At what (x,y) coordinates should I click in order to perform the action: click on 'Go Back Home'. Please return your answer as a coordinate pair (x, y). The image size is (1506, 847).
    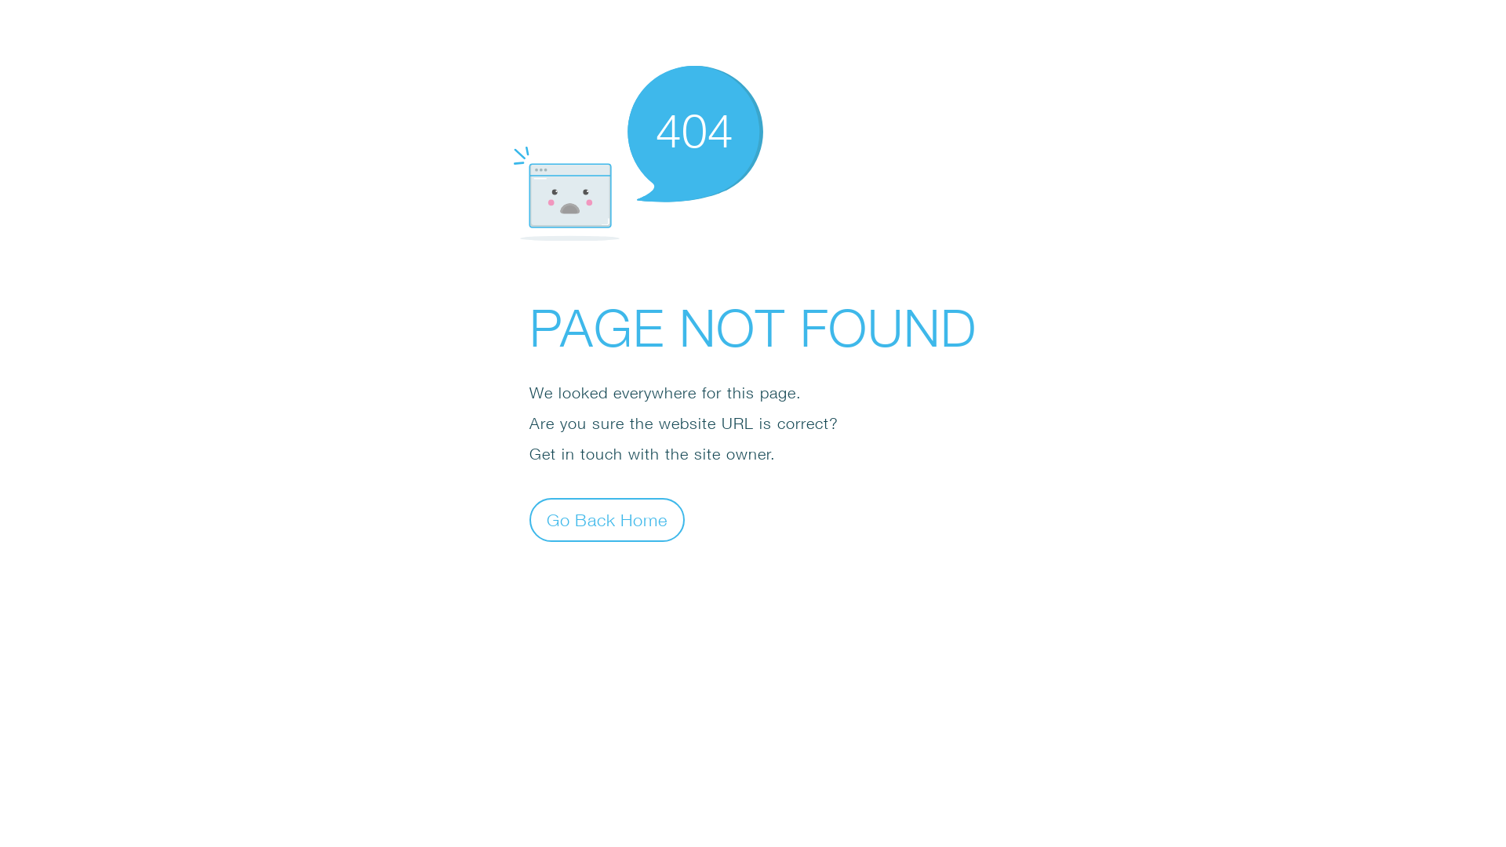
    Looking at the image, I should click on (606, 520).